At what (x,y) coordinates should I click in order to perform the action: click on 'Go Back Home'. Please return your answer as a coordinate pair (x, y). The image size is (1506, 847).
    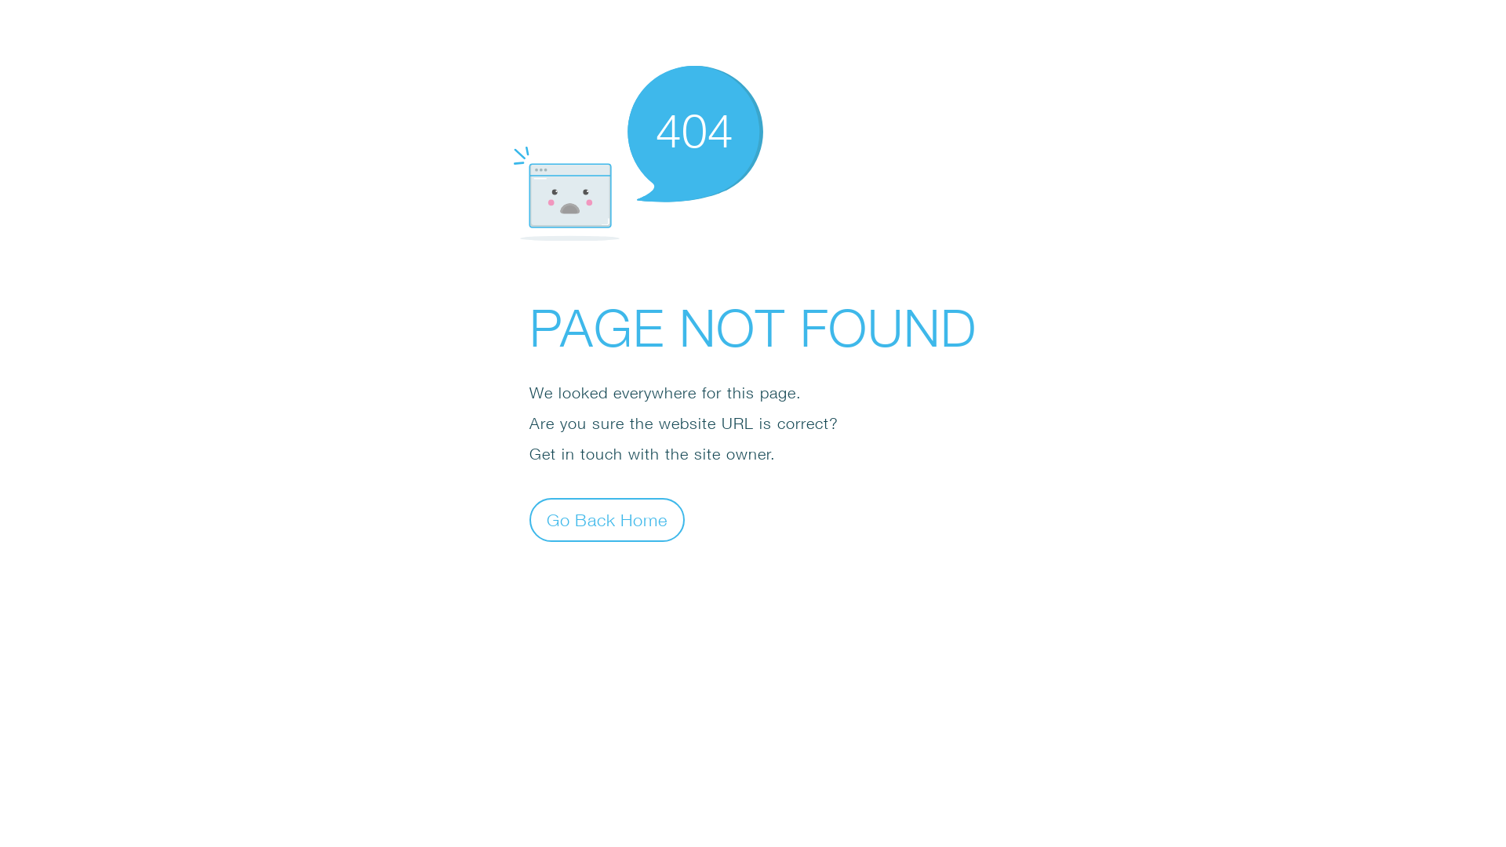
    Looking at the image, I should click on (606, 520).